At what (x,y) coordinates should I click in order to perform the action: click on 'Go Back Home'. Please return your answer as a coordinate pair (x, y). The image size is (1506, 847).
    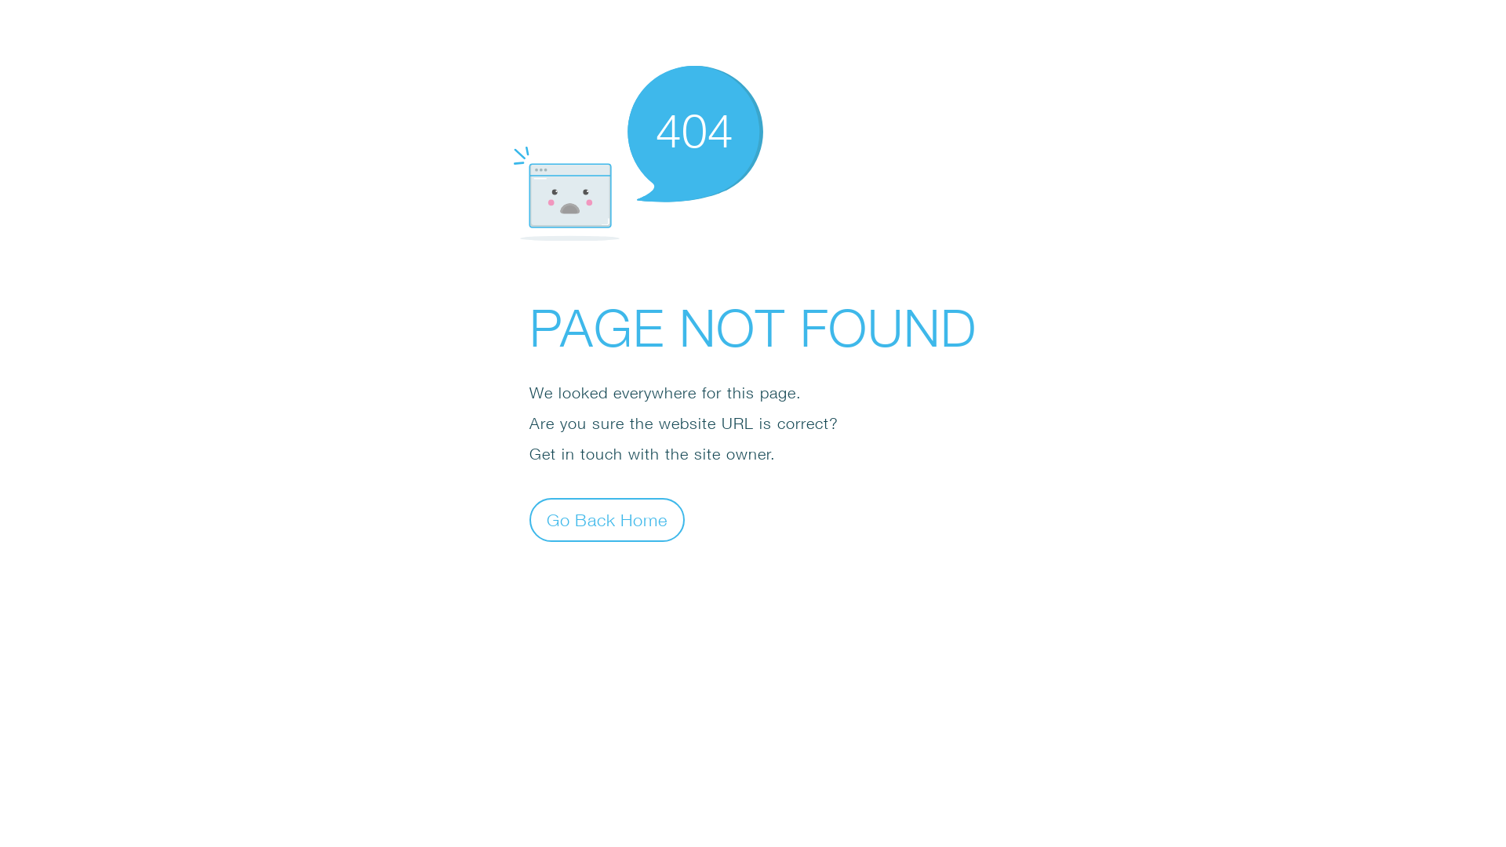
    Looking at the image, I should click on (606, 520).